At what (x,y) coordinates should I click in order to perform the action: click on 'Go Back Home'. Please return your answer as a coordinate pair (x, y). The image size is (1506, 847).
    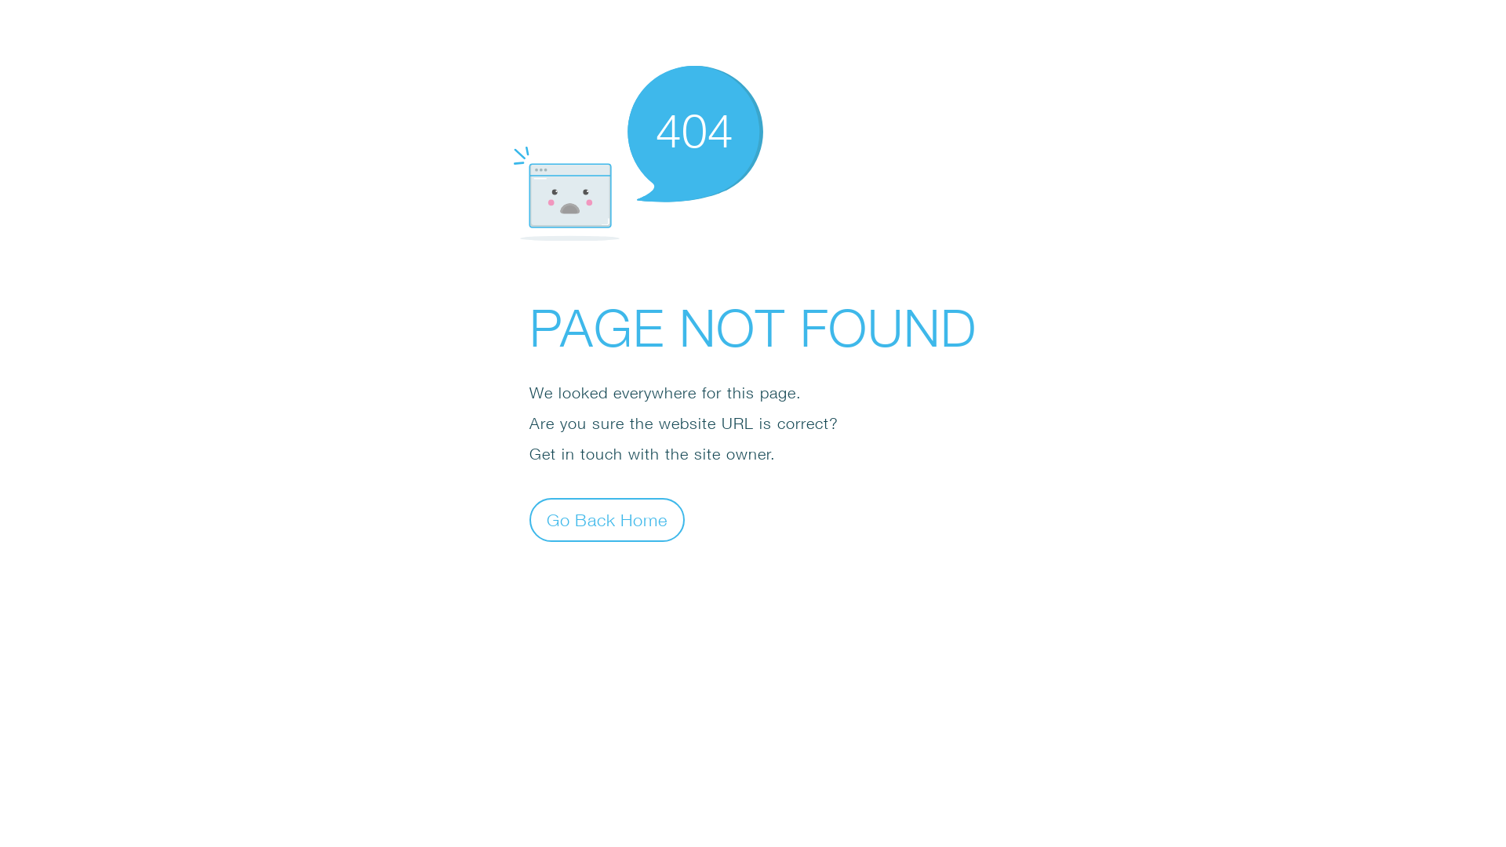
    Looking at the image, I should click on (606, 520).